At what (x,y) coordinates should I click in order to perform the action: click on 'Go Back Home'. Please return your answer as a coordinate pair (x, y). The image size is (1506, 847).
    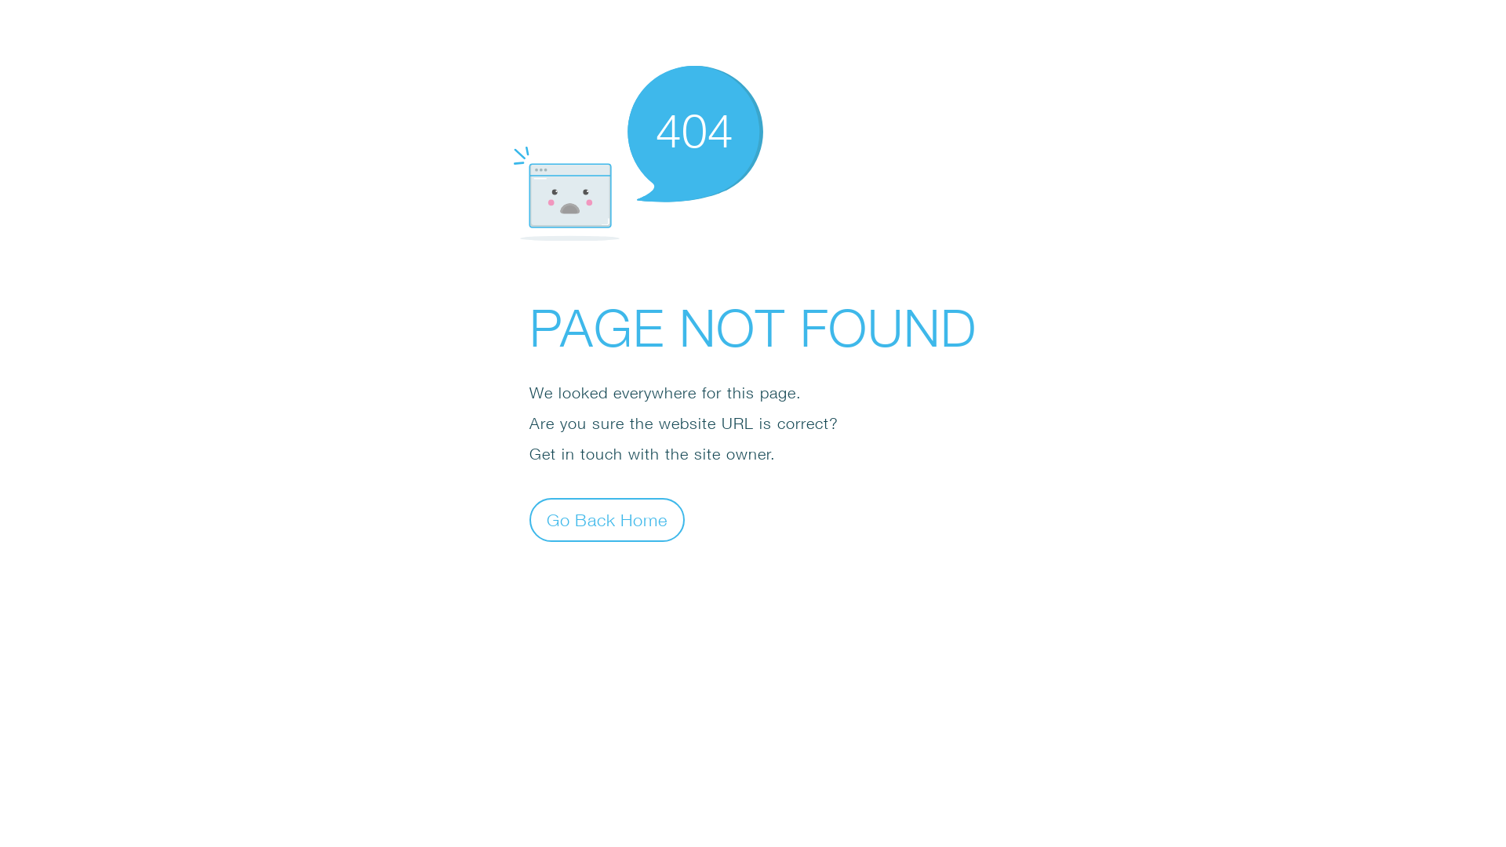
    Looking at the image, I should click on (606, 520).